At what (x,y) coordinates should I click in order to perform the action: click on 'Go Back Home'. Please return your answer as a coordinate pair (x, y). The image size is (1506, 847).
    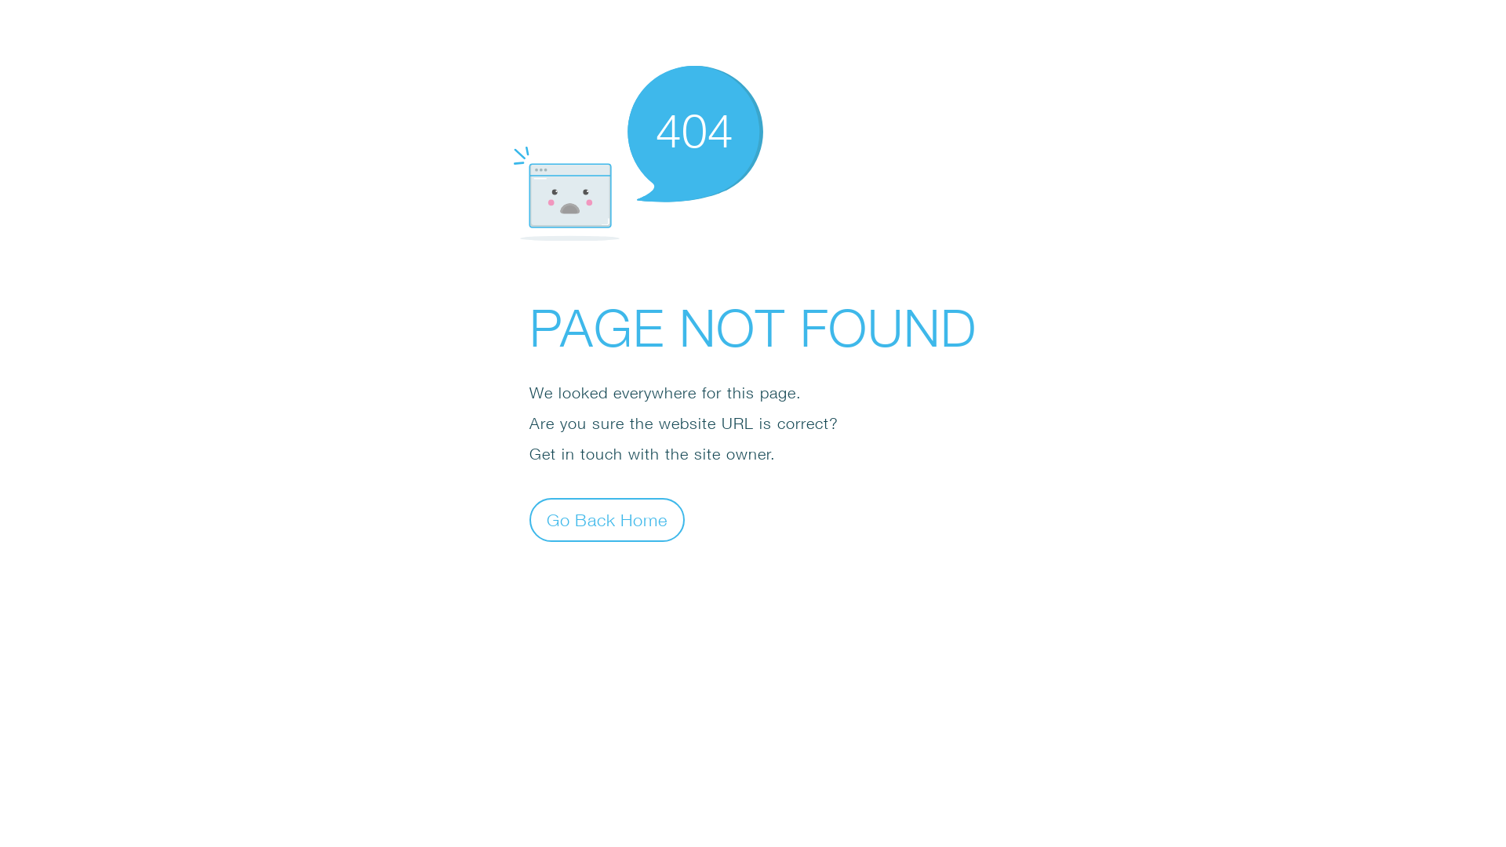
    Looking at the image, I should click on (606, 520).